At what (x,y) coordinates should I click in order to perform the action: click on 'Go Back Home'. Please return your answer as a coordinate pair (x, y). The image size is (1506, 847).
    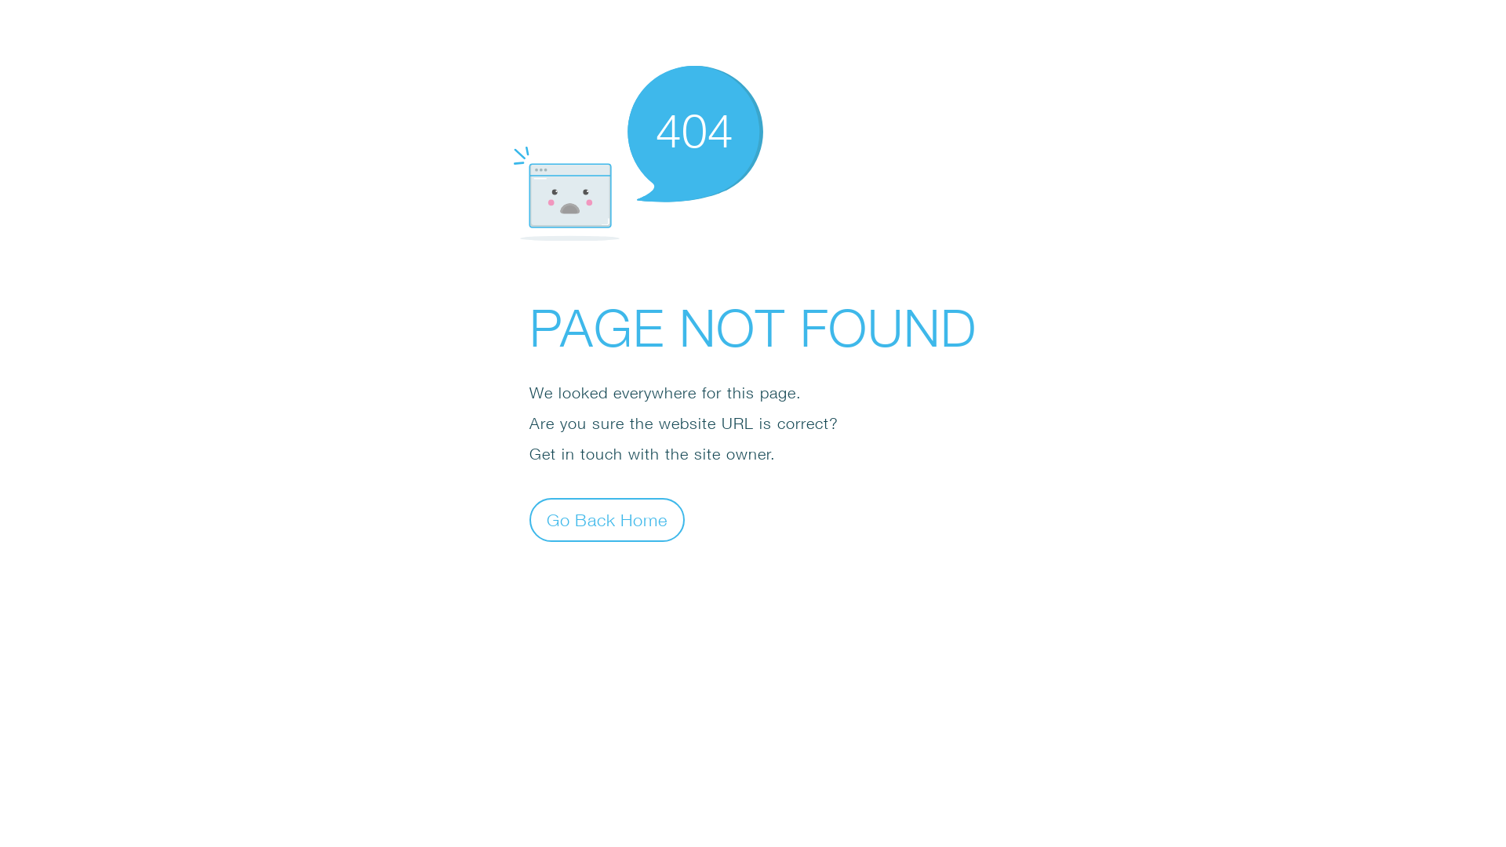
    Looking at the image, I should click on (606, 520).